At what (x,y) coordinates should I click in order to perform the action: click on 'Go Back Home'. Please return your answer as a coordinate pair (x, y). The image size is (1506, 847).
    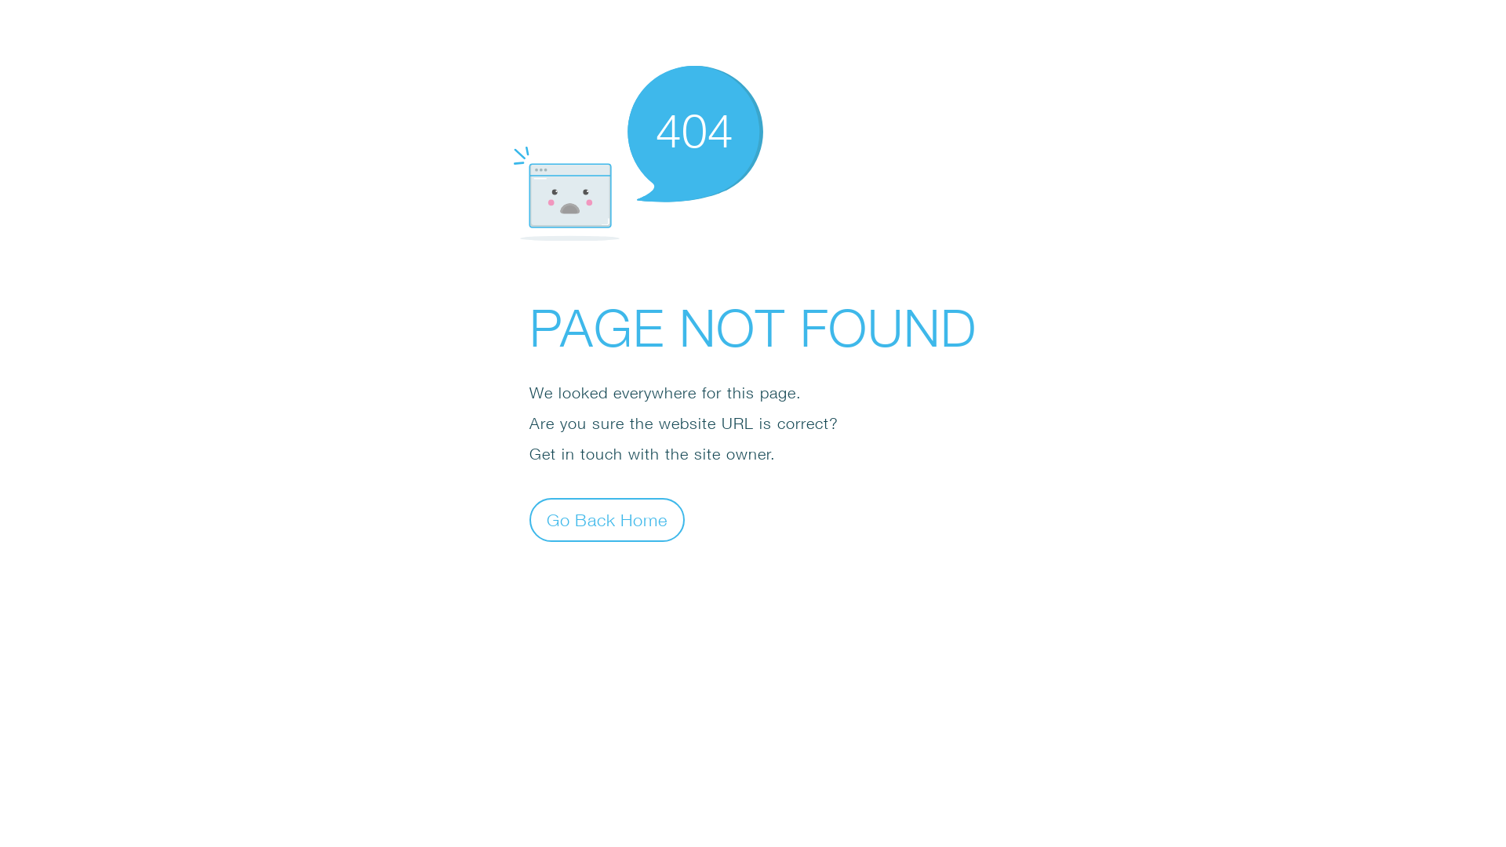
    Looking at the image, I should click on (606, 520).